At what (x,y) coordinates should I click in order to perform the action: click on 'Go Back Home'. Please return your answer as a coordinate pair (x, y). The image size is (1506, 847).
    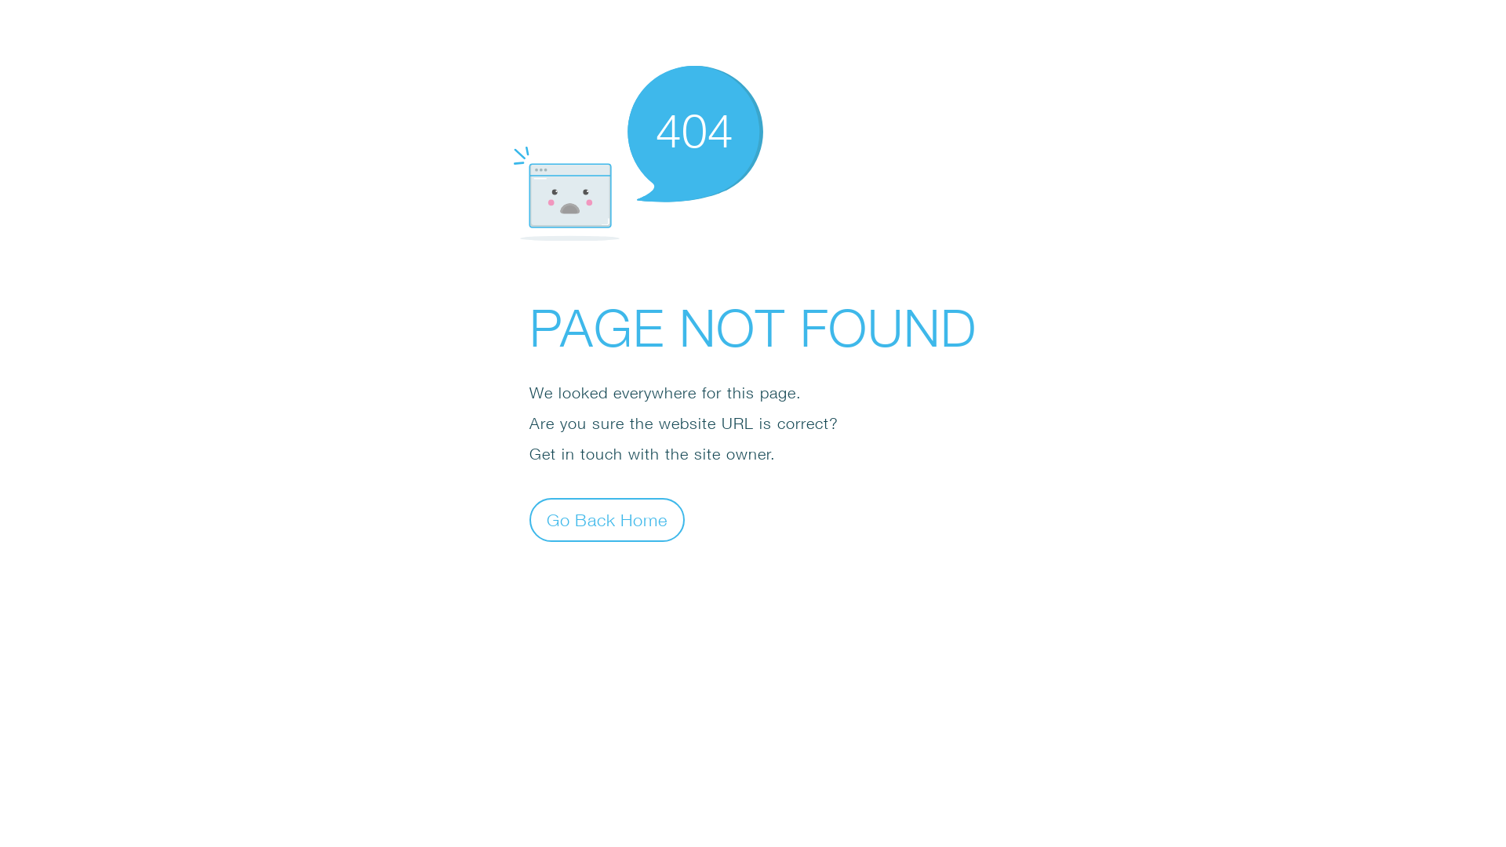
    Looking at the image, I should click on (606, 520).